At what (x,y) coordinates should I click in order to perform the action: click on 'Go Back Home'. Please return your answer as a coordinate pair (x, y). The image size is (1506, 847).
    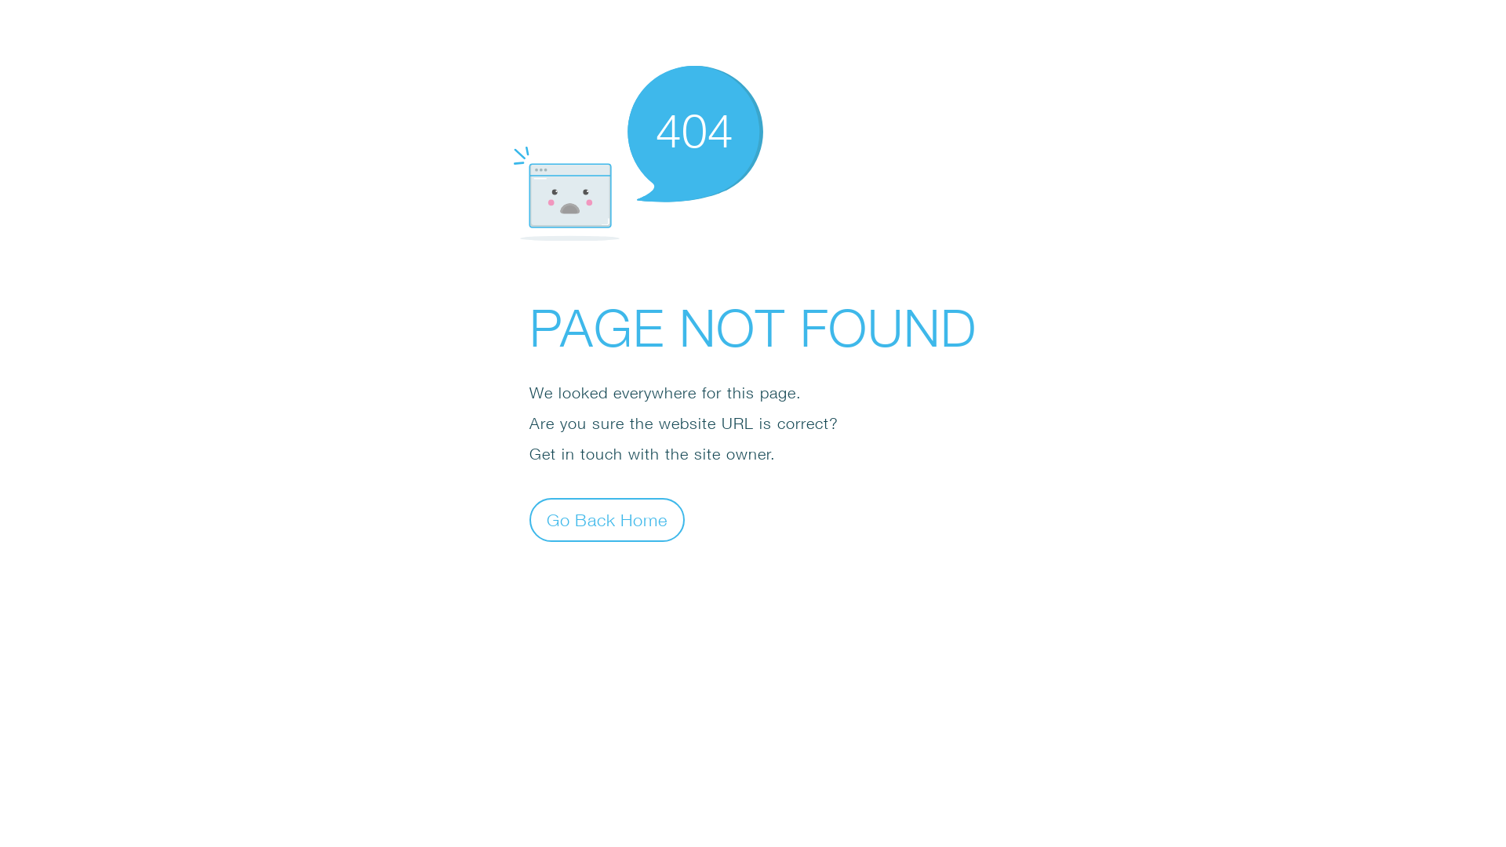
    Looking at the image, I should click on (606, 520).